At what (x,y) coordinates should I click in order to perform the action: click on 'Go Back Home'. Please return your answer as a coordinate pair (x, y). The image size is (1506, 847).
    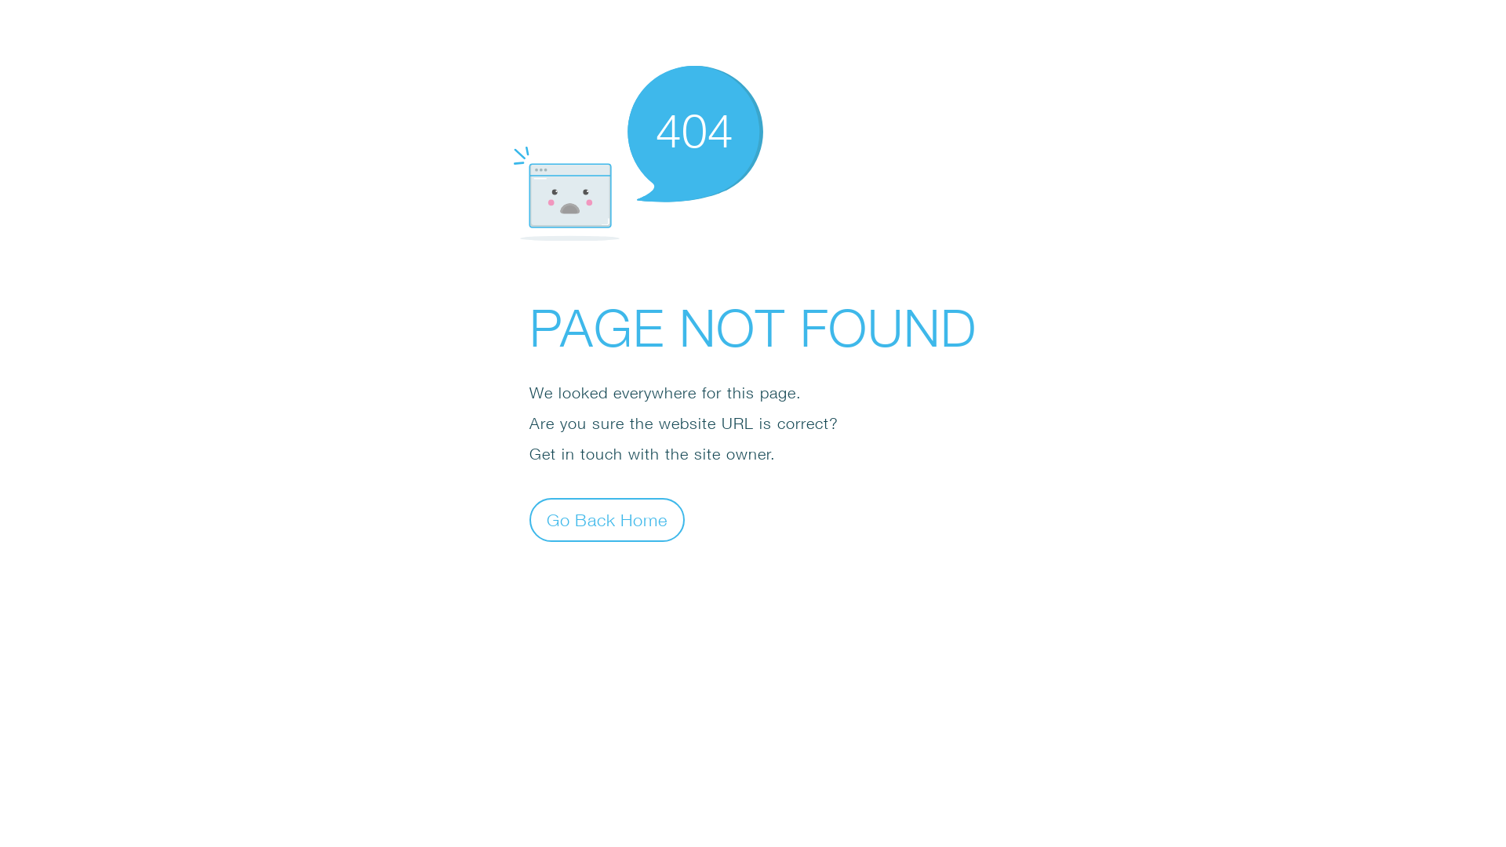
    Looking at the image, I should click on (606, 520).